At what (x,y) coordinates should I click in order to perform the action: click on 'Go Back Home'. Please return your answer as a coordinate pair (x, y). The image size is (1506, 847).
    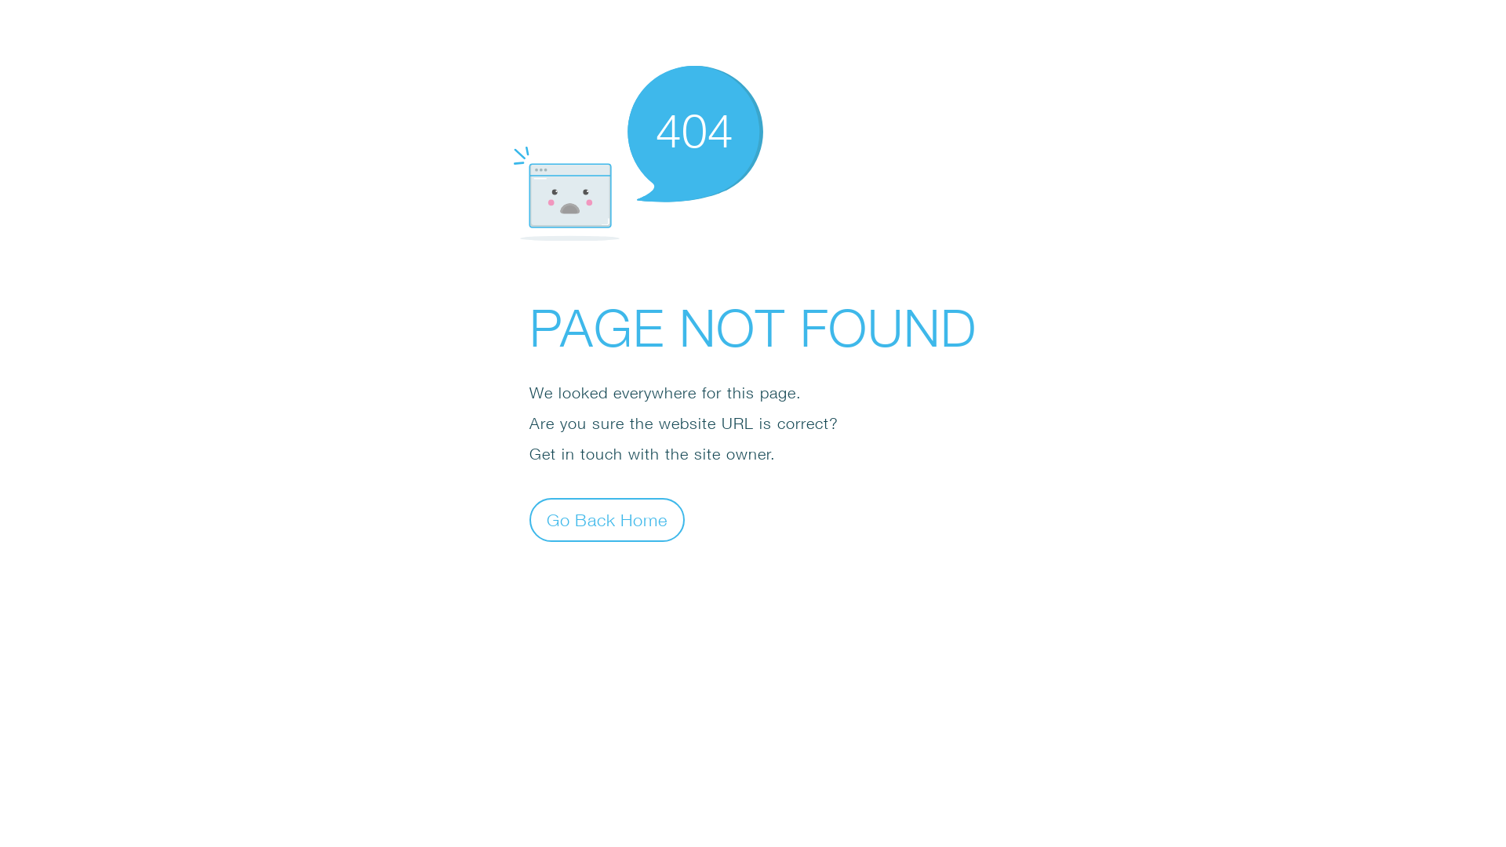
    Looking at the image, I should click on (606, 520).